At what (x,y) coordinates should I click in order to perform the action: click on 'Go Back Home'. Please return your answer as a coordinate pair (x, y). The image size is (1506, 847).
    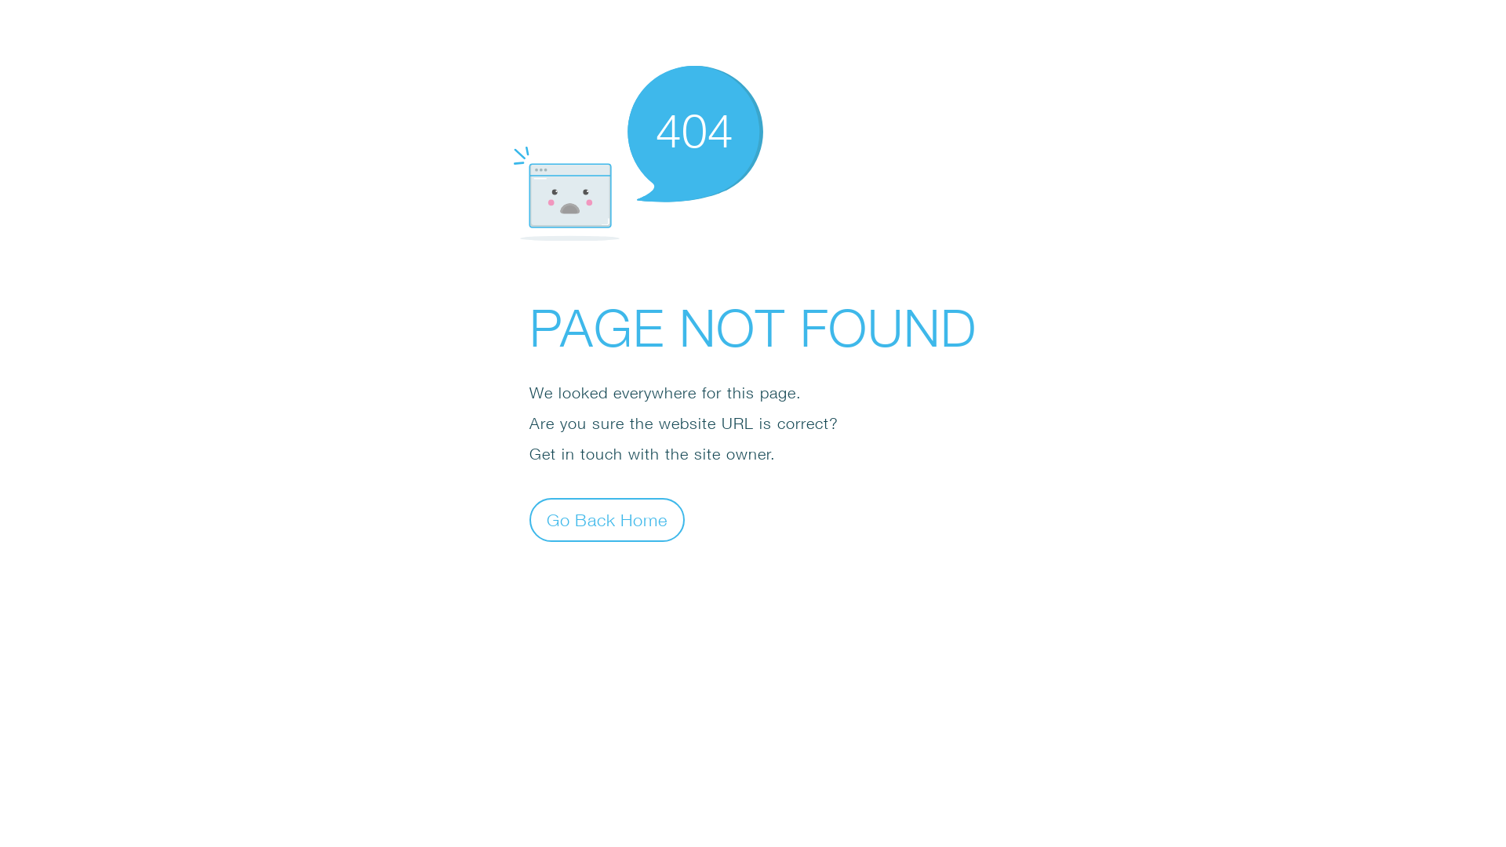
    Looking at the image, I should click on (606, 520).